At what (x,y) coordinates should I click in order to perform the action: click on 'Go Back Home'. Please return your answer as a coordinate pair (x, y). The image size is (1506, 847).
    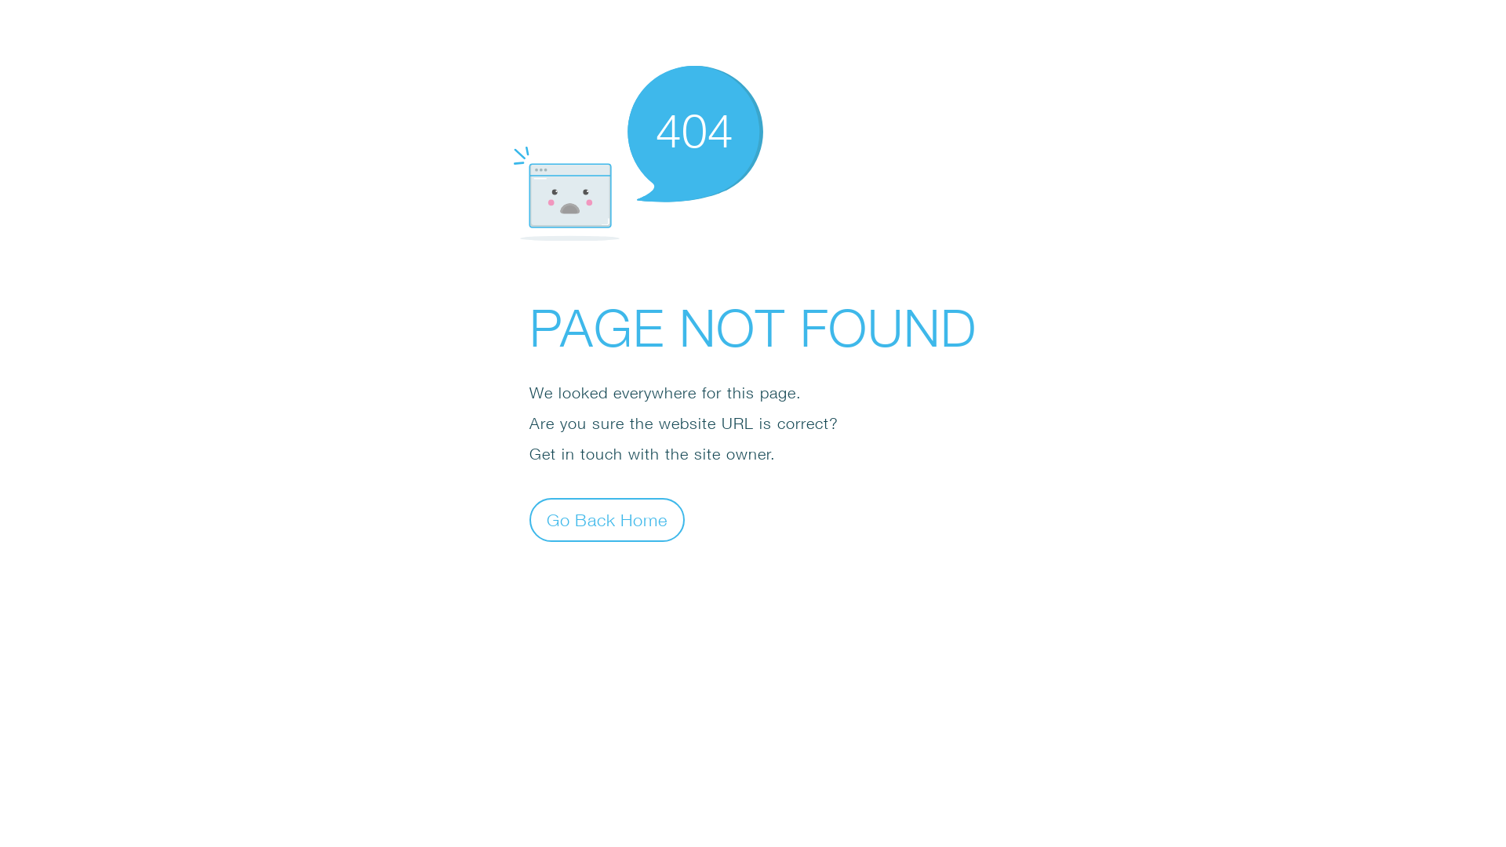
    Looking at the image, I should click on (606, 520).